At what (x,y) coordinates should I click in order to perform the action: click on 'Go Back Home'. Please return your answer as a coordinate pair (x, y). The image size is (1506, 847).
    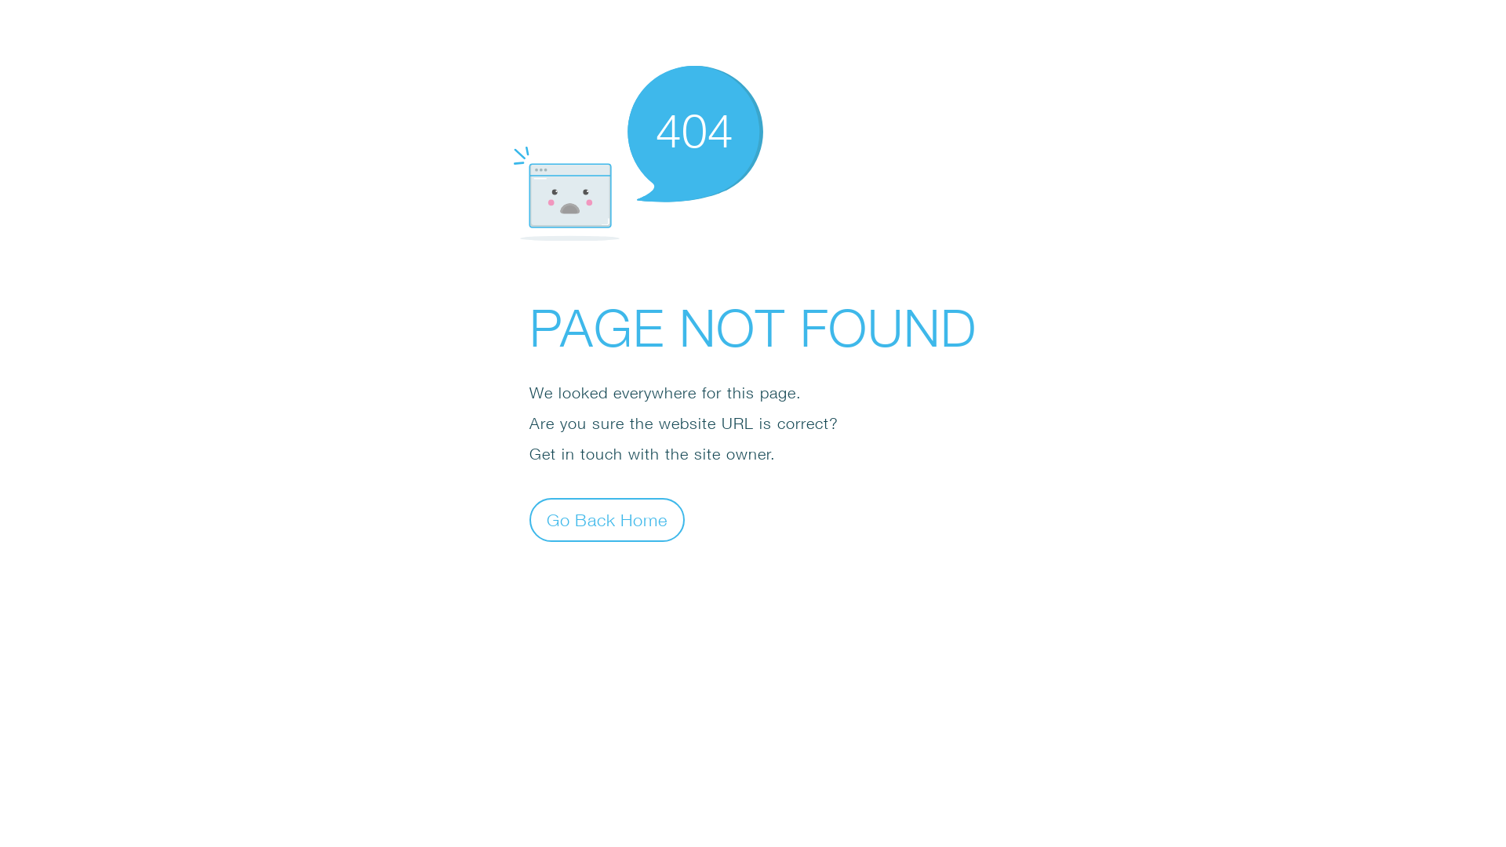
    Looking at the image, I should click on (606, 520).